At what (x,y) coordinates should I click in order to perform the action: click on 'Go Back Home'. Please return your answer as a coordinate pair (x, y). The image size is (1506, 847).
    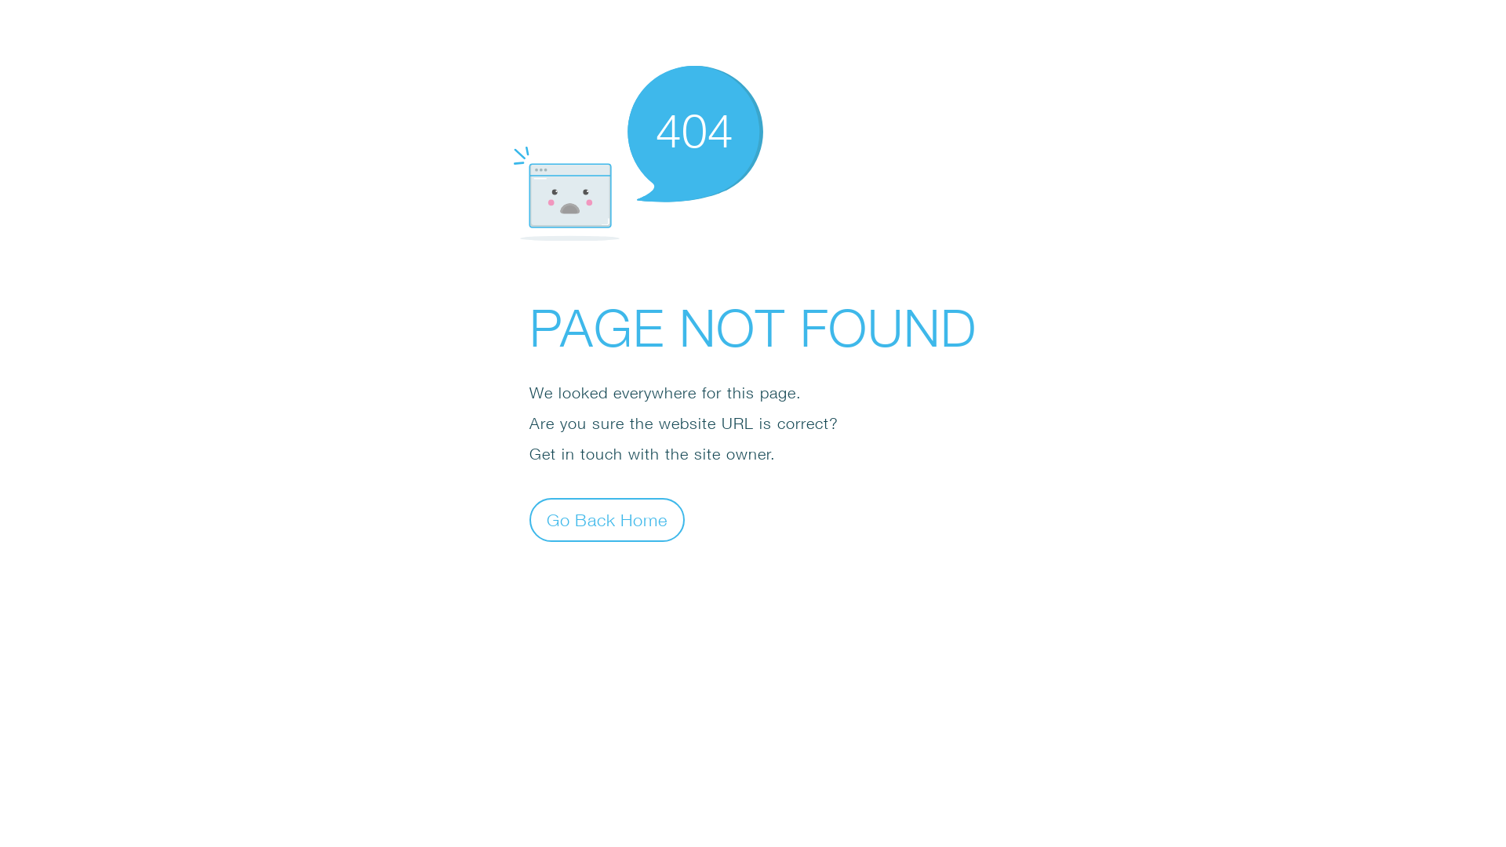
    Looking at the image, I should click on (606, 520).